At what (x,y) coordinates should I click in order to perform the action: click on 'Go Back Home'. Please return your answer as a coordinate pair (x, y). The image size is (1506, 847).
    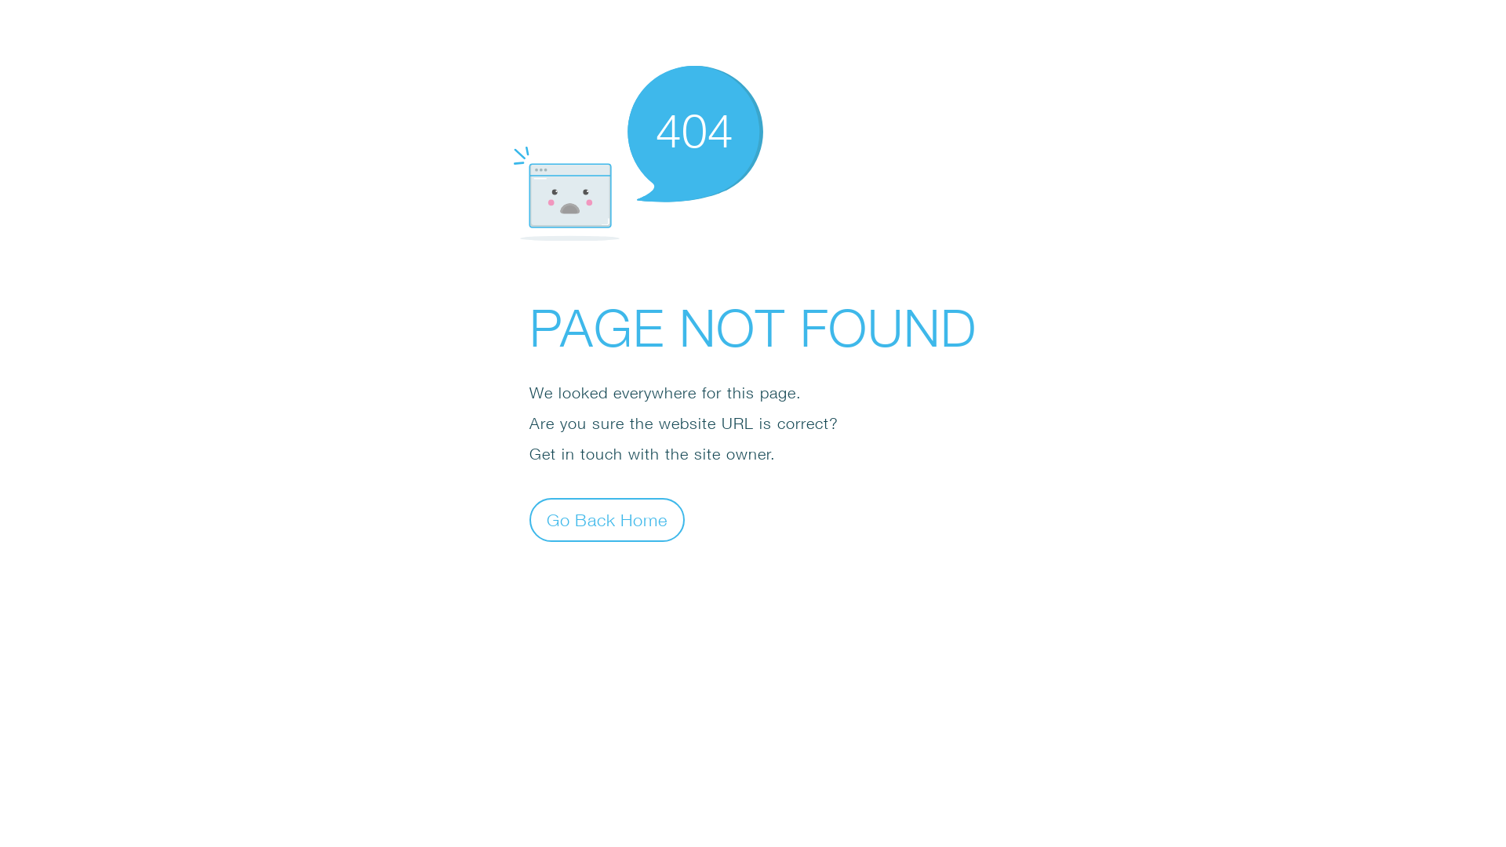
    Looking at the image, I should click on (606, 520).